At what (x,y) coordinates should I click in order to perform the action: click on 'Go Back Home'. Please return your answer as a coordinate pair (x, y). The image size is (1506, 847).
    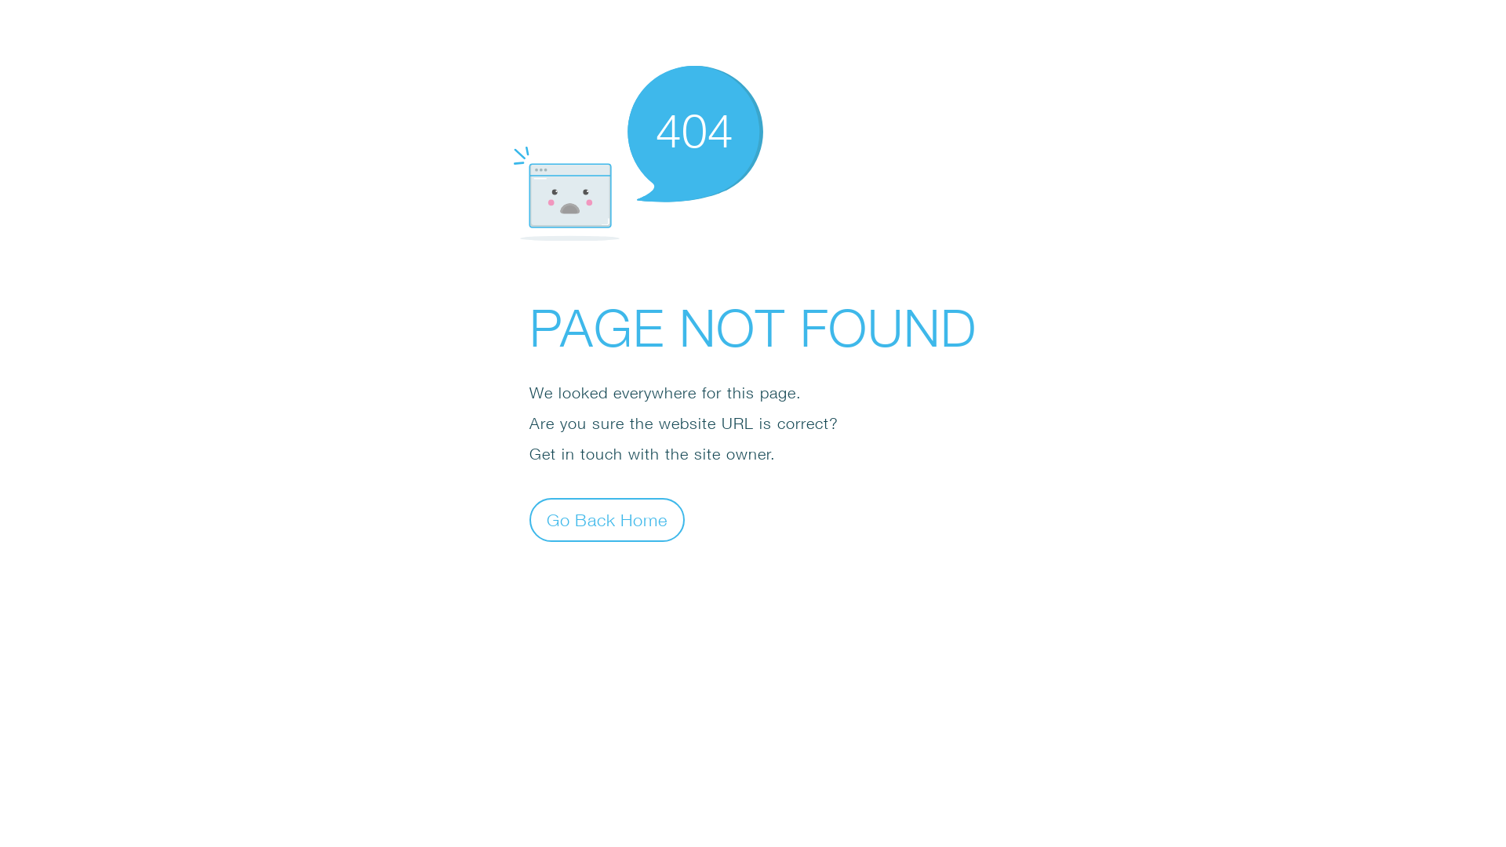
    Looking at the image, I should click on (606, 520).